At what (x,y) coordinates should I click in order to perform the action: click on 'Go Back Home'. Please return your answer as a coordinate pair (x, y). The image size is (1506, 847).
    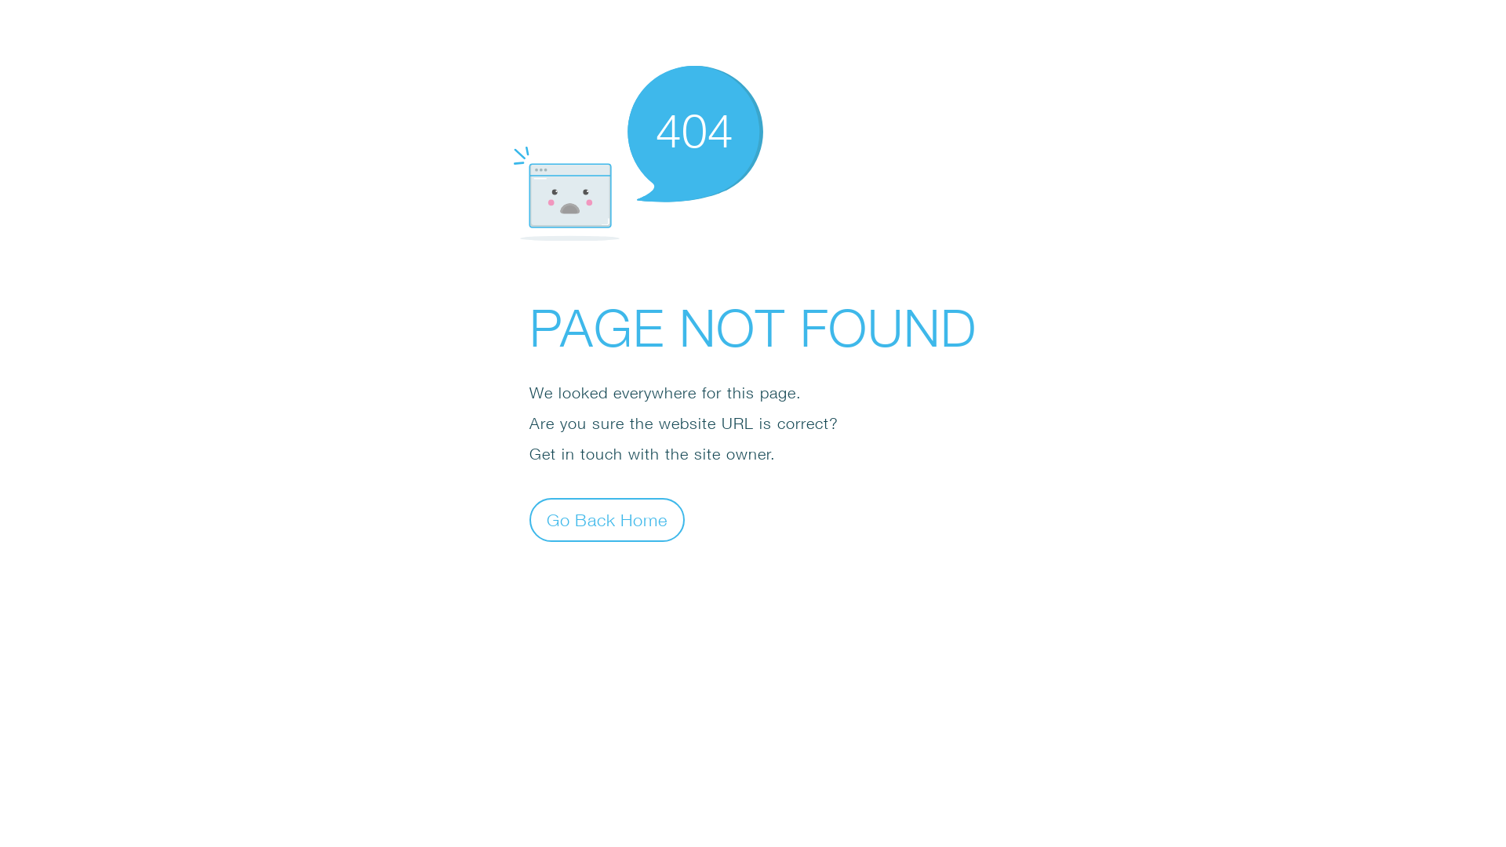
    Looking at the image, I should click on (606, 520).